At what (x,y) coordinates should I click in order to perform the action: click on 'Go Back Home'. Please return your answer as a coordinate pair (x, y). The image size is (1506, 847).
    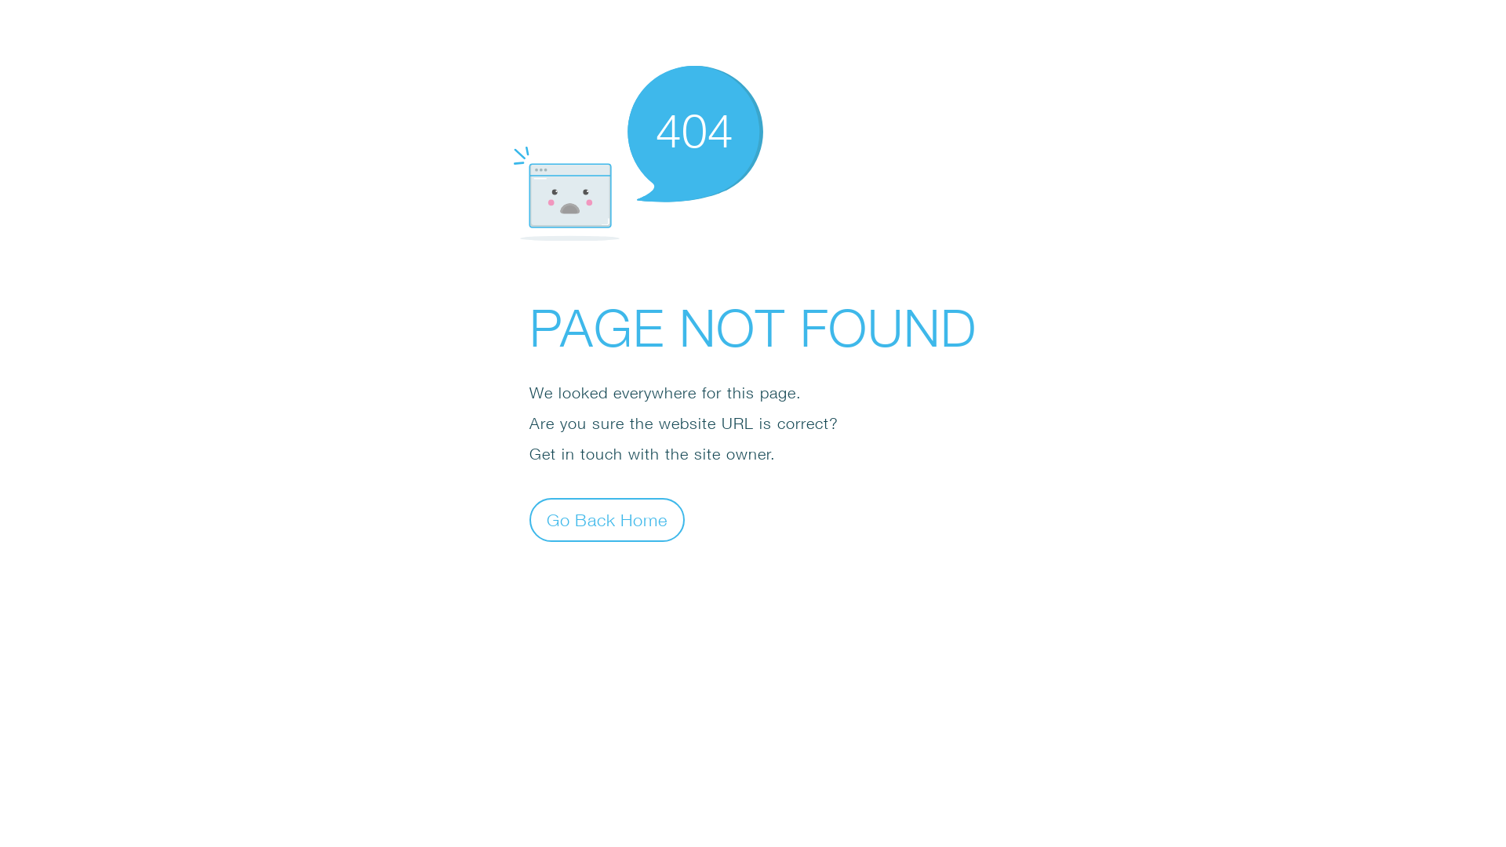
    Looking at the image, I should click on (606, 520).